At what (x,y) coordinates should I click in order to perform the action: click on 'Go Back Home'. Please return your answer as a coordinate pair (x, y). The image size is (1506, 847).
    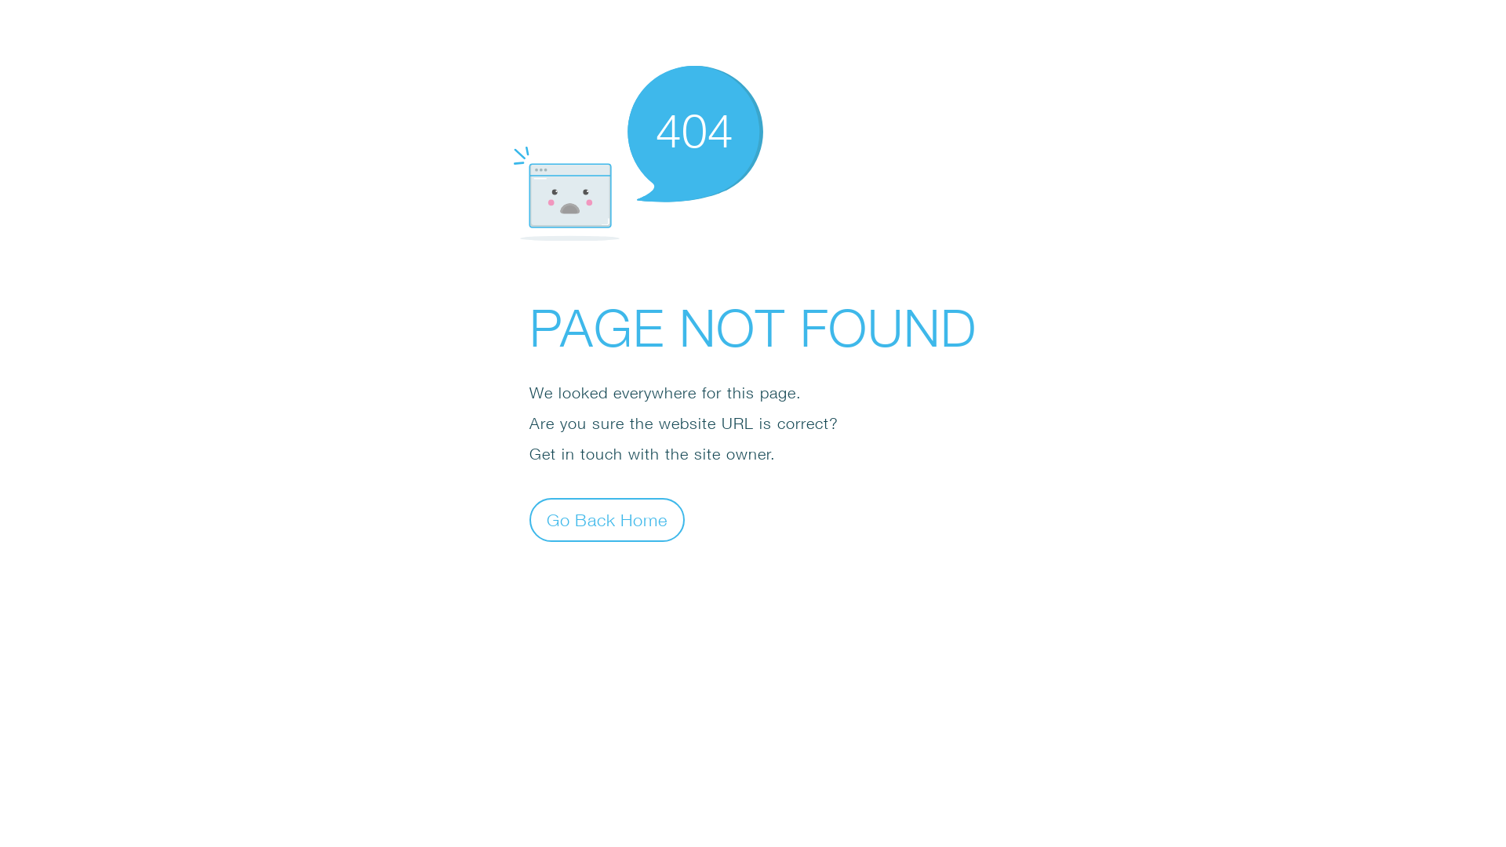
    Looking at the image, I should click on (606, 520).